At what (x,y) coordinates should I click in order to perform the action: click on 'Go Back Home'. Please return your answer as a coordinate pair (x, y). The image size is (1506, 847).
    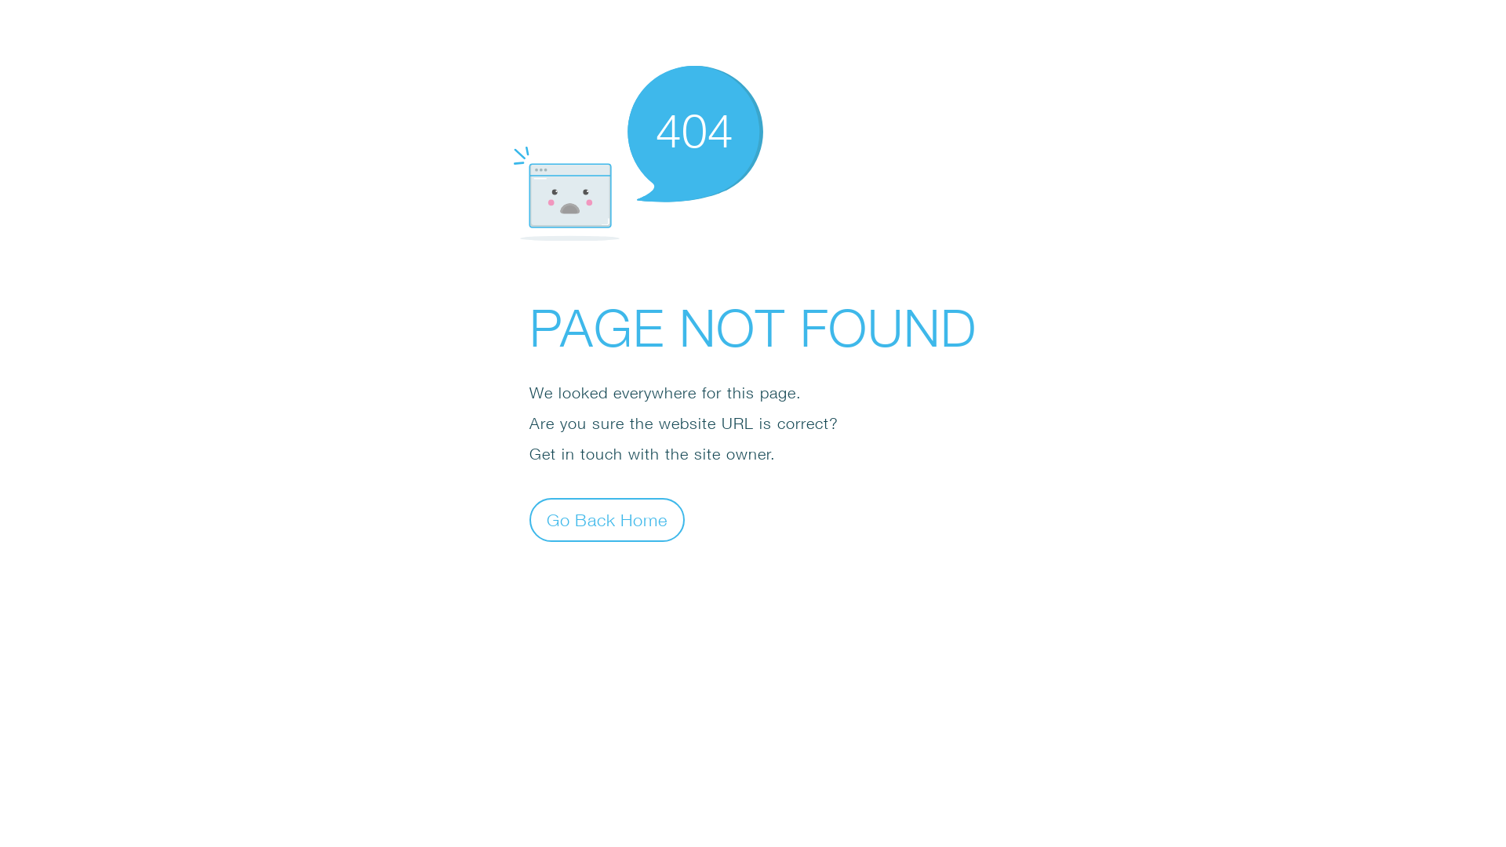
    Looking at the image, I should click on (606, 520).